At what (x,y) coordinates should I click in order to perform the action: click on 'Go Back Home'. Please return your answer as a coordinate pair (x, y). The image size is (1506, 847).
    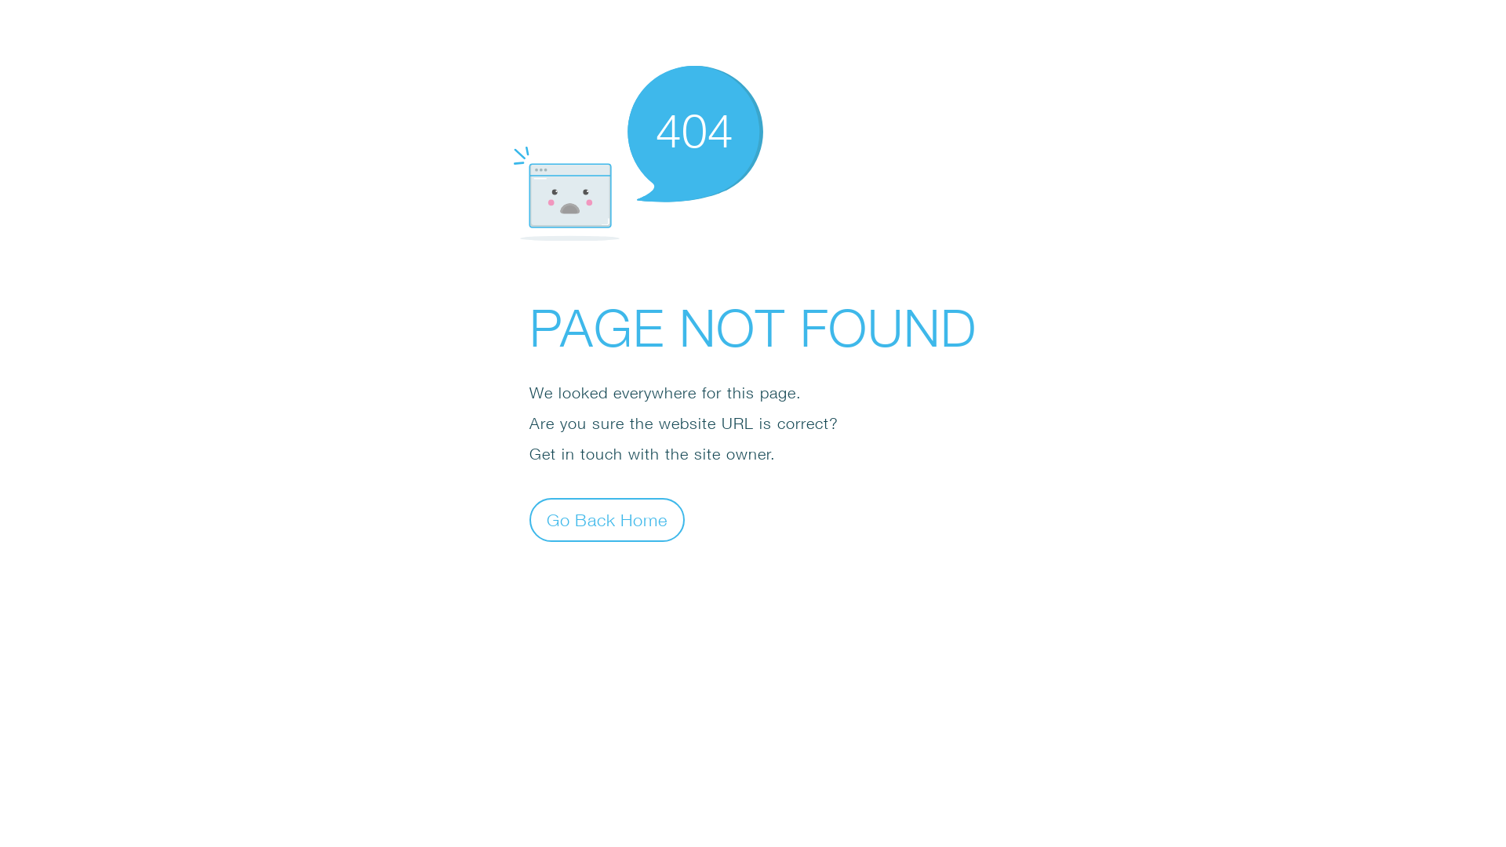
    Looking at the image, I should click on (606, 520).